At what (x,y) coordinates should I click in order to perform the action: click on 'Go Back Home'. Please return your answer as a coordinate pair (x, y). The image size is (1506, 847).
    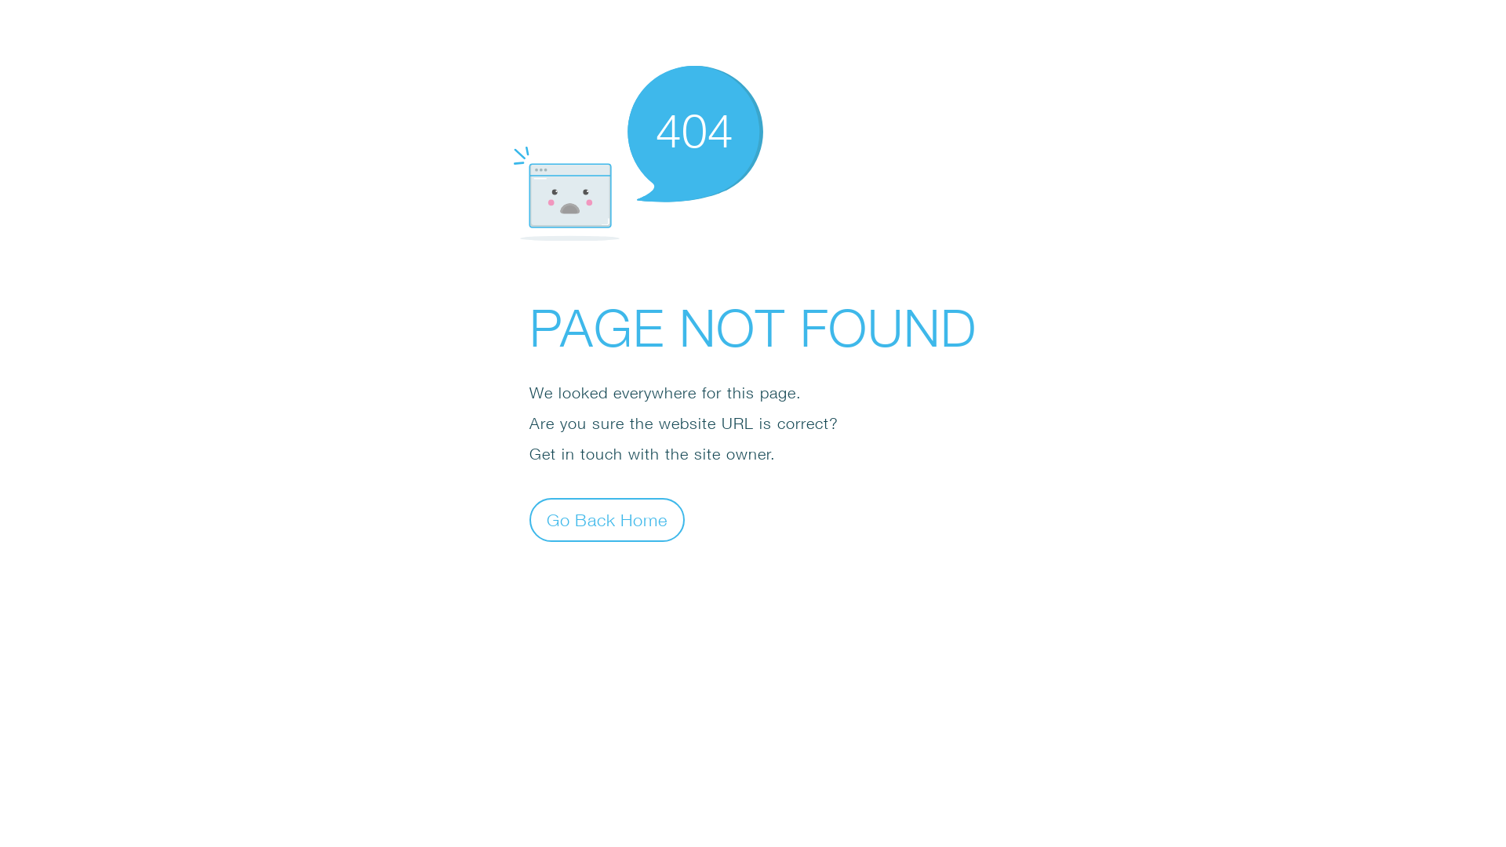
    Looking at the image, I should click on (606, 520).